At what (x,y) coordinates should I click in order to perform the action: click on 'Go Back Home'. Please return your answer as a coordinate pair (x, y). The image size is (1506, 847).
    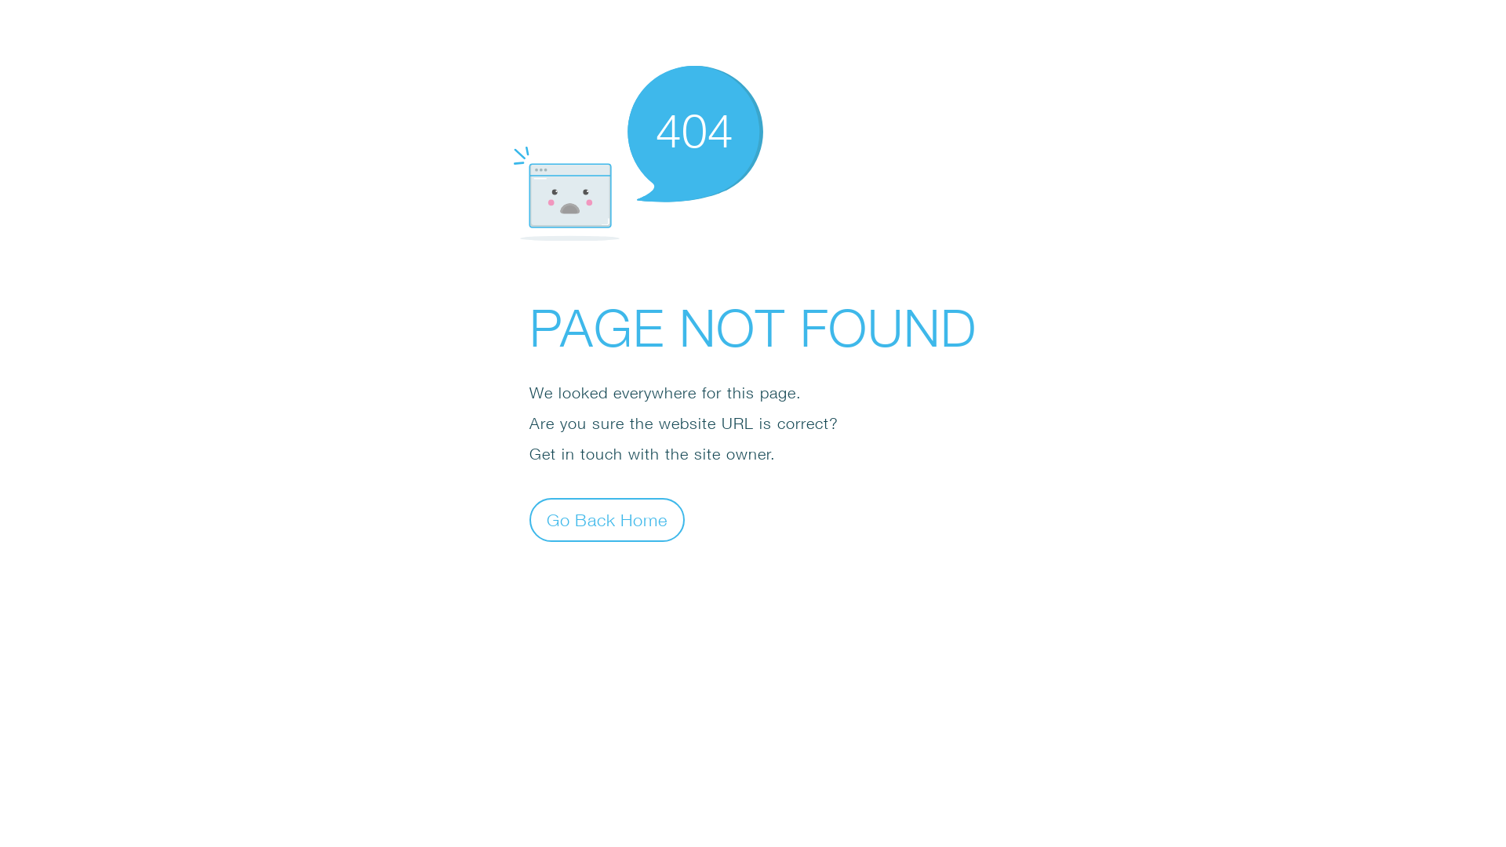
    Looking at the image, I should click on (606, 520).